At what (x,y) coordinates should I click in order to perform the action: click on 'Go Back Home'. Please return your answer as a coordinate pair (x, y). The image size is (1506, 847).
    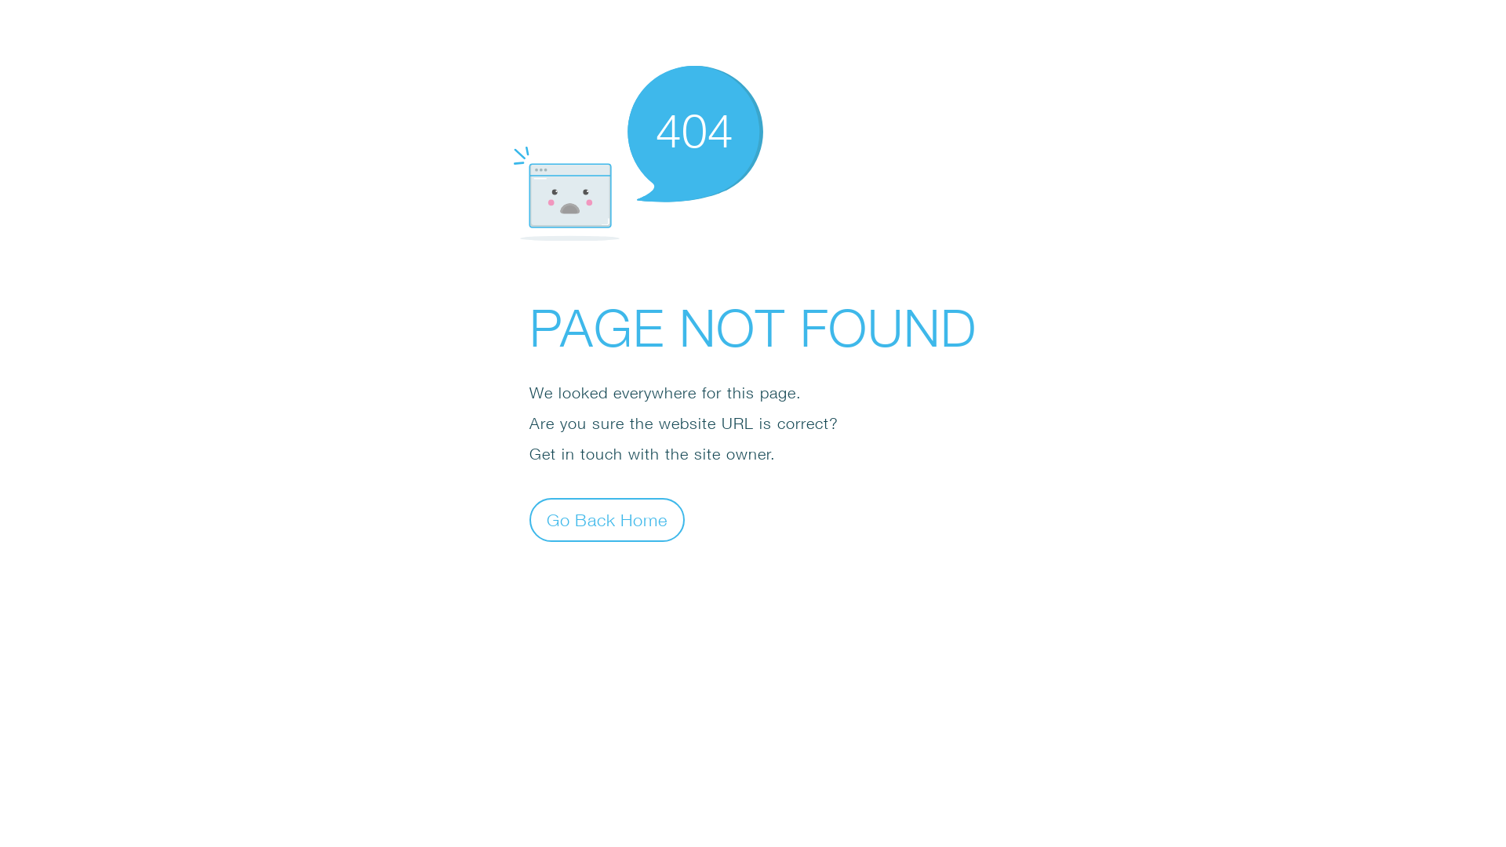
    Looking at the image, I should click on (606, 520).